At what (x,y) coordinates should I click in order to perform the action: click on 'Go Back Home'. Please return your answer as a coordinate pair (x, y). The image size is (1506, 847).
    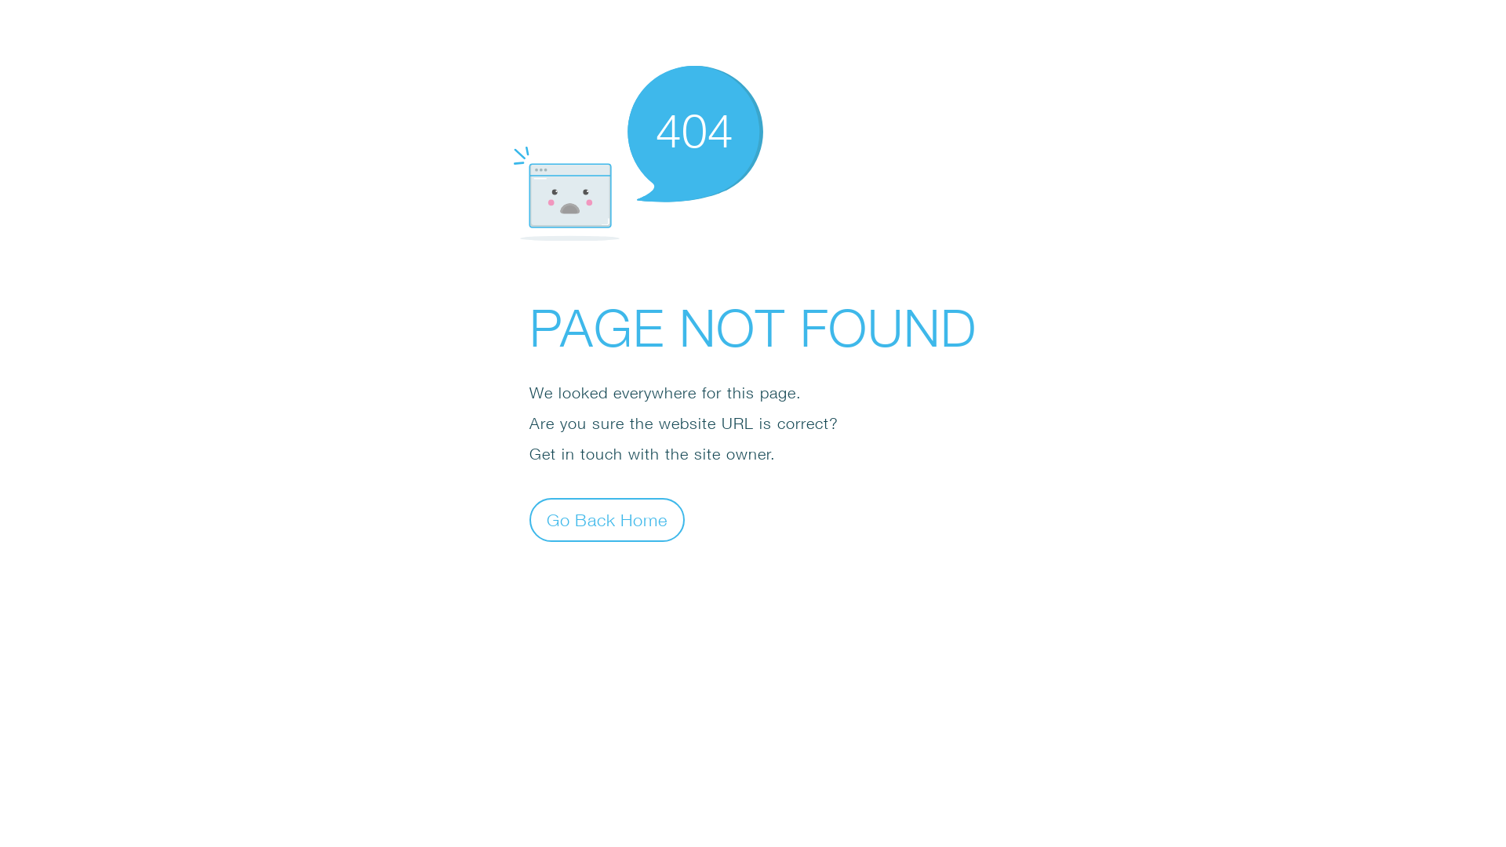
    Looking at the image, I should click on (606, 520).